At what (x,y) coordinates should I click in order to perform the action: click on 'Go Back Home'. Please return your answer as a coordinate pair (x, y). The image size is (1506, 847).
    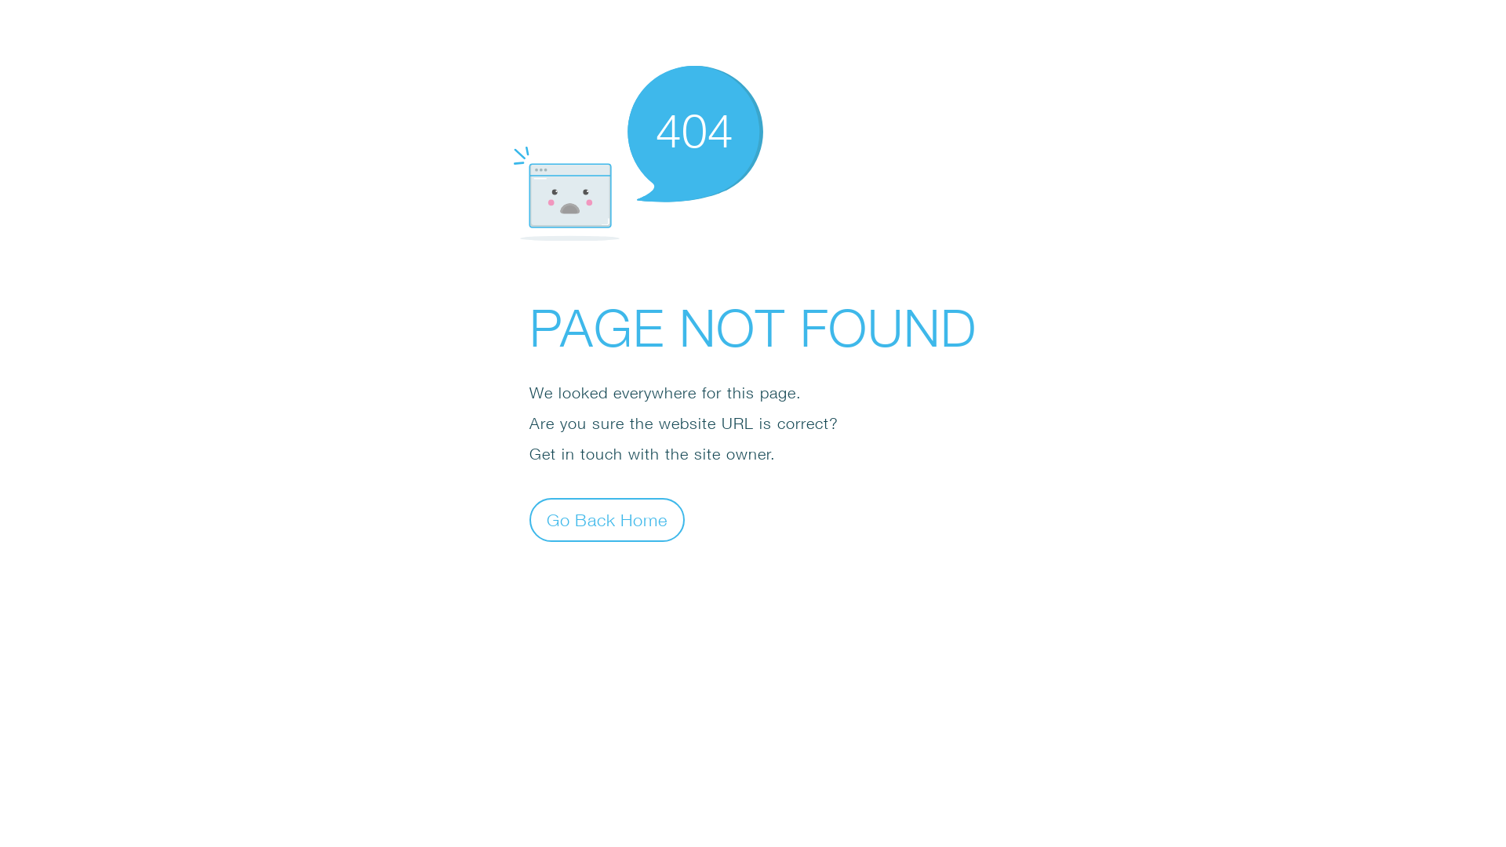
    Looking at the image, I should click on (606, 520).